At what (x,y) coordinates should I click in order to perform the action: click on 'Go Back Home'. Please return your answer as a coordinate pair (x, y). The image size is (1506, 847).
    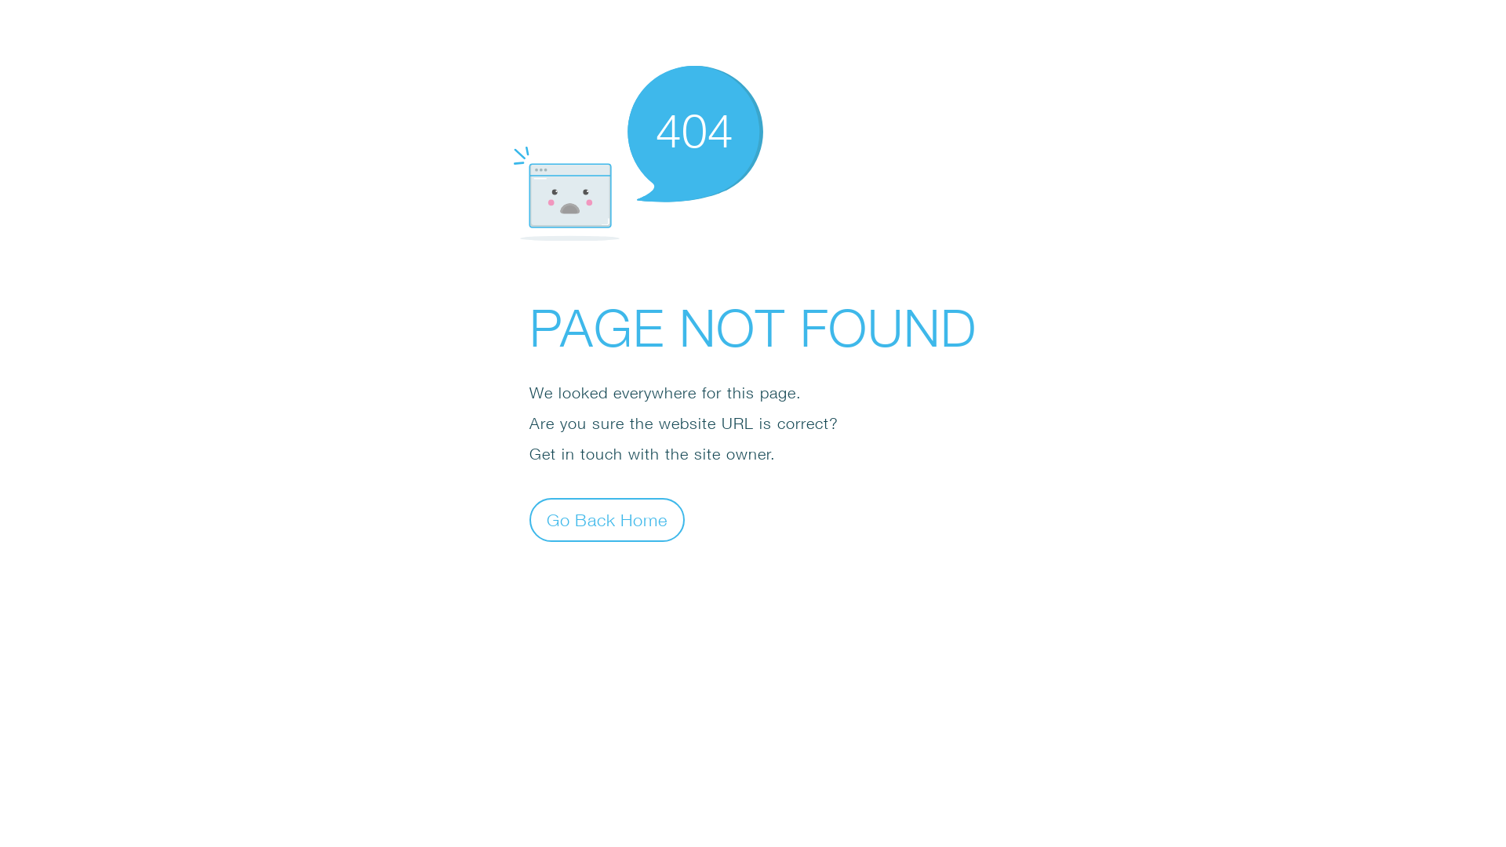
    Looking at the image, I should click on (606, 520).